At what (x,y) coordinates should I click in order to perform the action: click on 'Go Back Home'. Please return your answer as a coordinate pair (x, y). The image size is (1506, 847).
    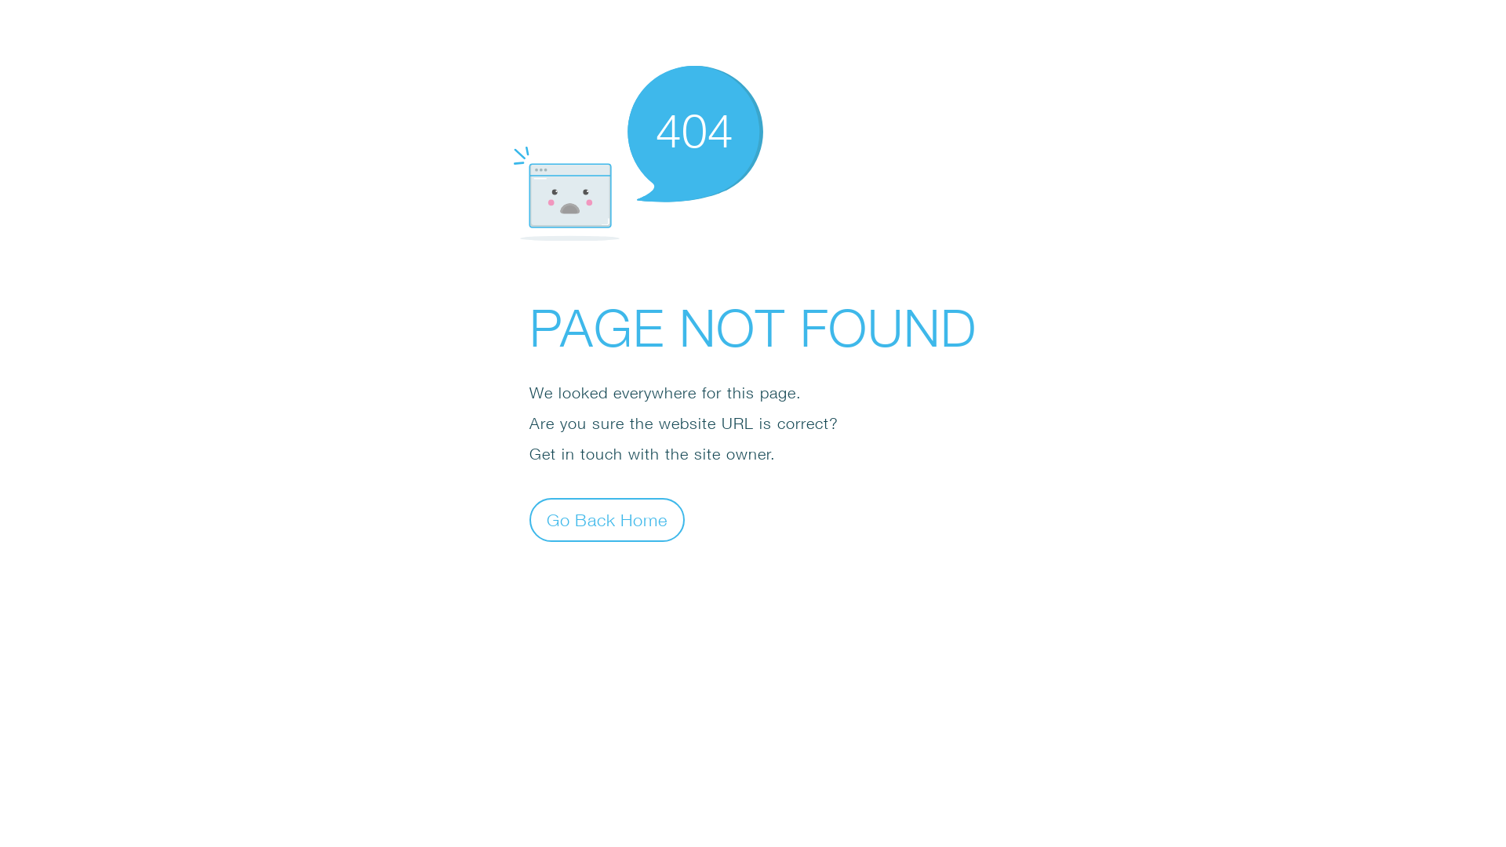
    Looking at the image, I should click on (606, 520).